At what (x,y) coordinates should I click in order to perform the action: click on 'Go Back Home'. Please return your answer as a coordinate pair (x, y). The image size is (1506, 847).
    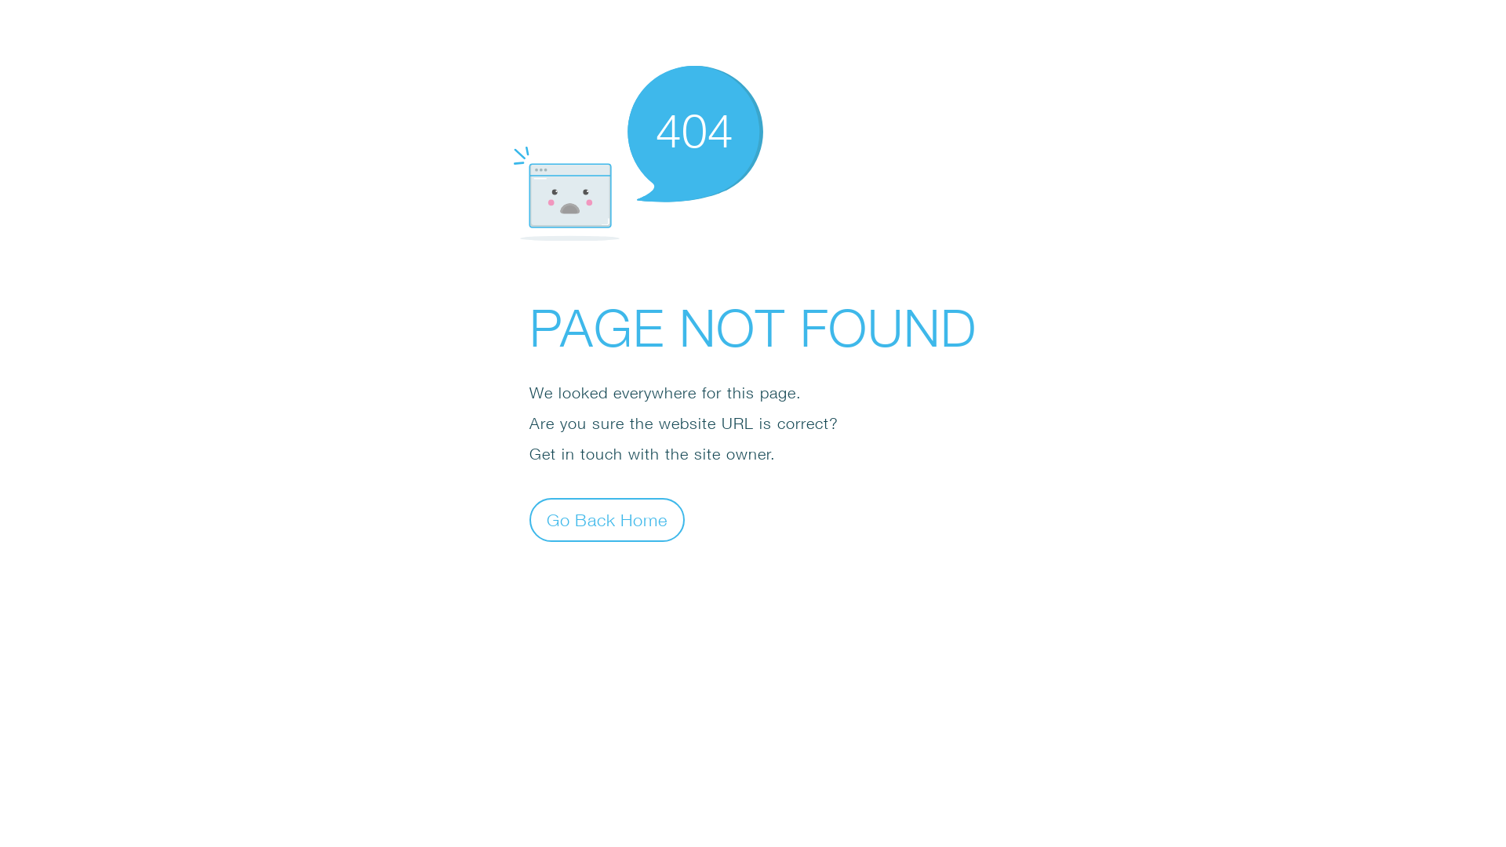
    Looking at the image, I should click on (606, 520).